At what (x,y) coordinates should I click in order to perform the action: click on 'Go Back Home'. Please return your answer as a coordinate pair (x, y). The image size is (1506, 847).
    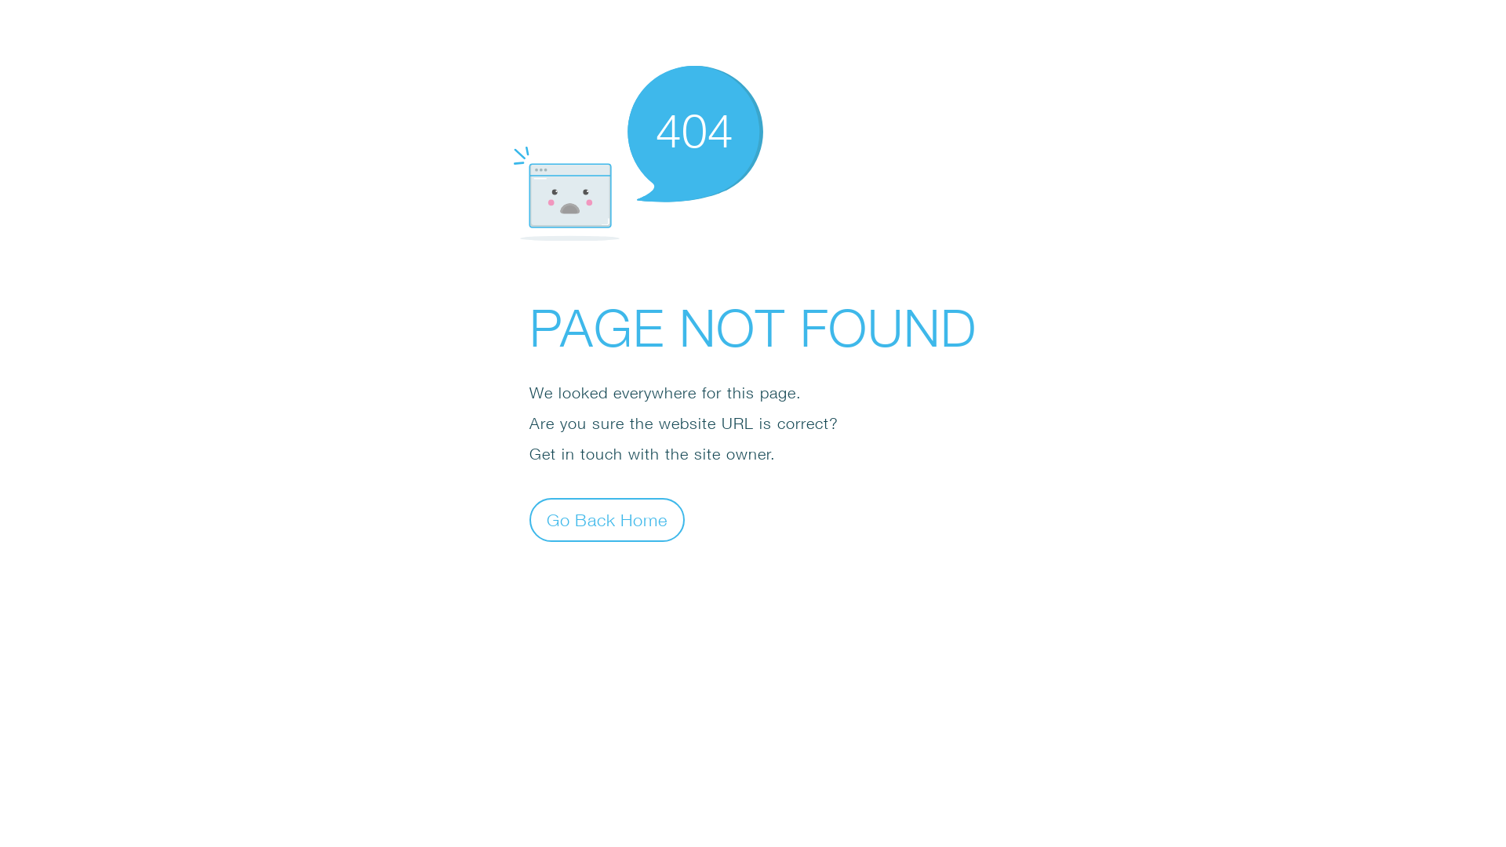
    Looking at the image, I should click on (606, 520).